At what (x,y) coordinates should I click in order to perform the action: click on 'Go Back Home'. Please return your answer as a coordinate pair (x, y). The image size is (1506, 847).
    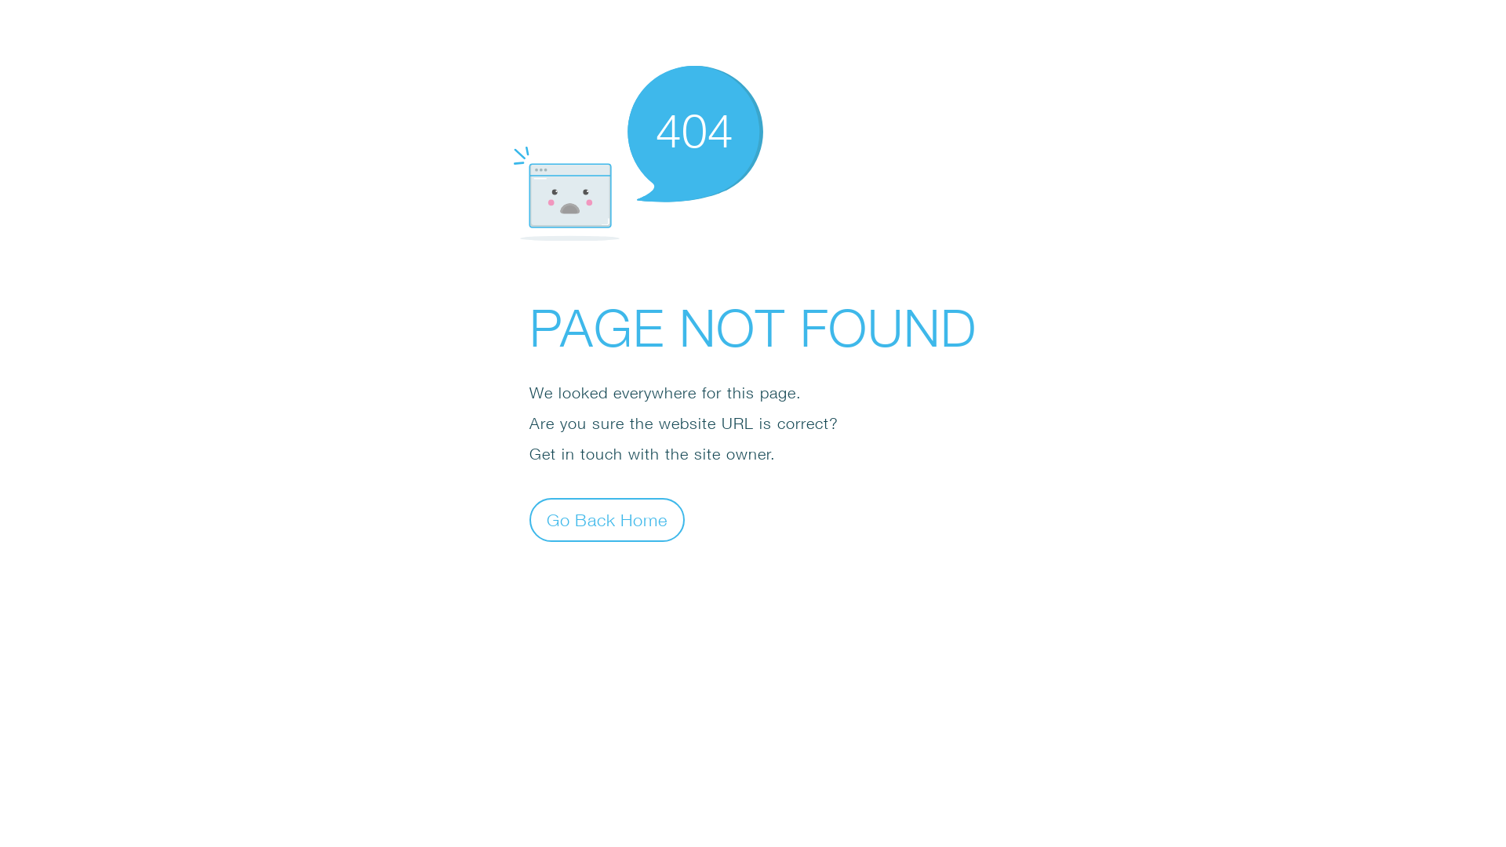
    Looking at the image, I should click on (606, 520).